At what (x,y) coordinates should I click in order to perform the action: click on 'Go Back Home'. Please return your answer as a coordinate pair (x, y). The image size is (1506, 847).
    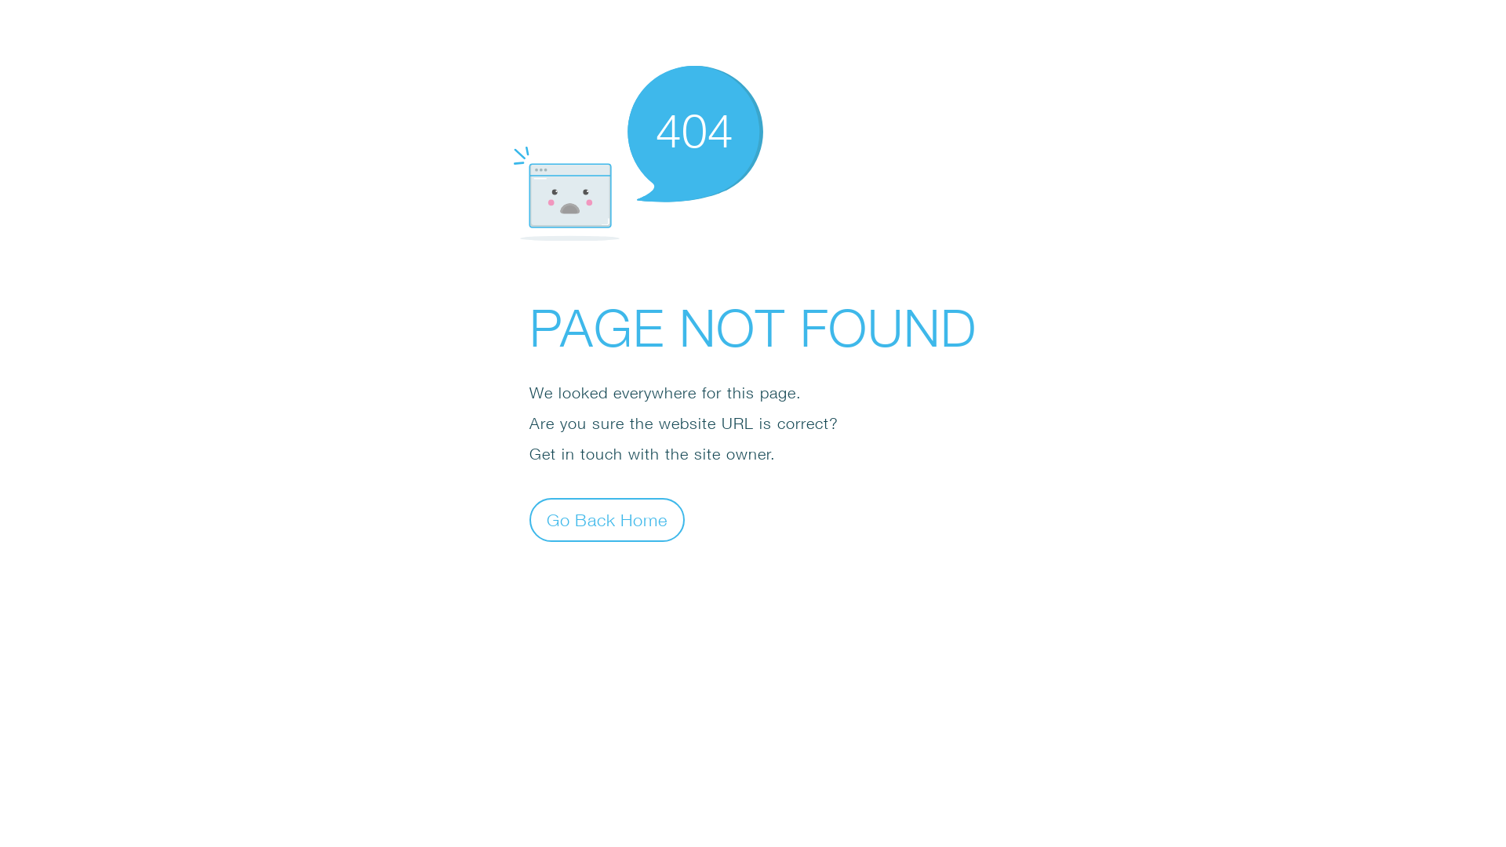
    Looking at the image, I should click on (606, 520).